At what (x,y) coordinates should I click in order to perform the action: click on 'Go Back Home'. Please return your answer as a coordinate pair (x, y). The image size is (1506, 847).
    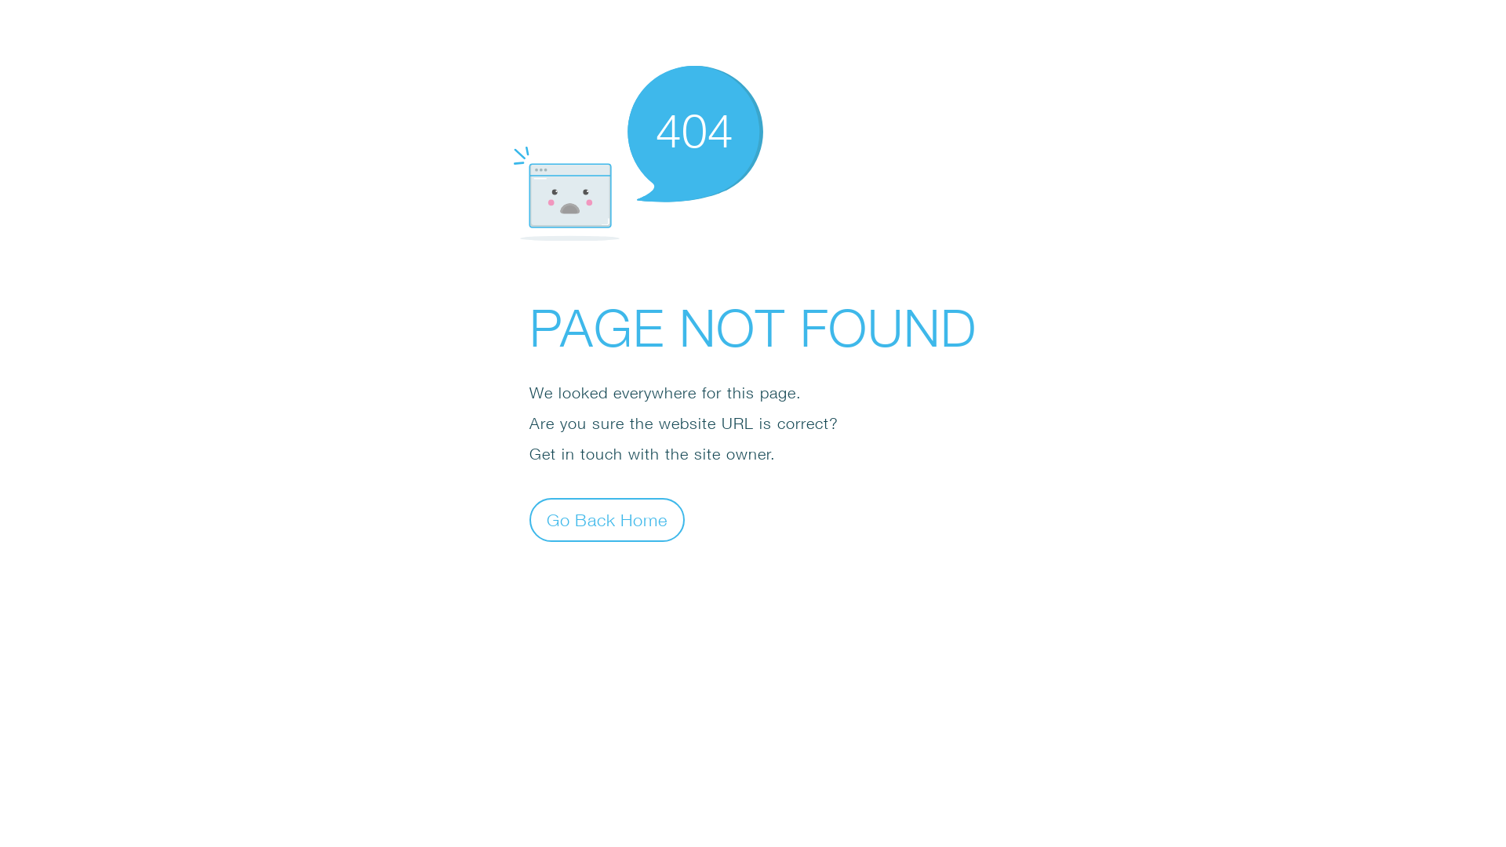
    Looking at the image, I should click on (606, 520).